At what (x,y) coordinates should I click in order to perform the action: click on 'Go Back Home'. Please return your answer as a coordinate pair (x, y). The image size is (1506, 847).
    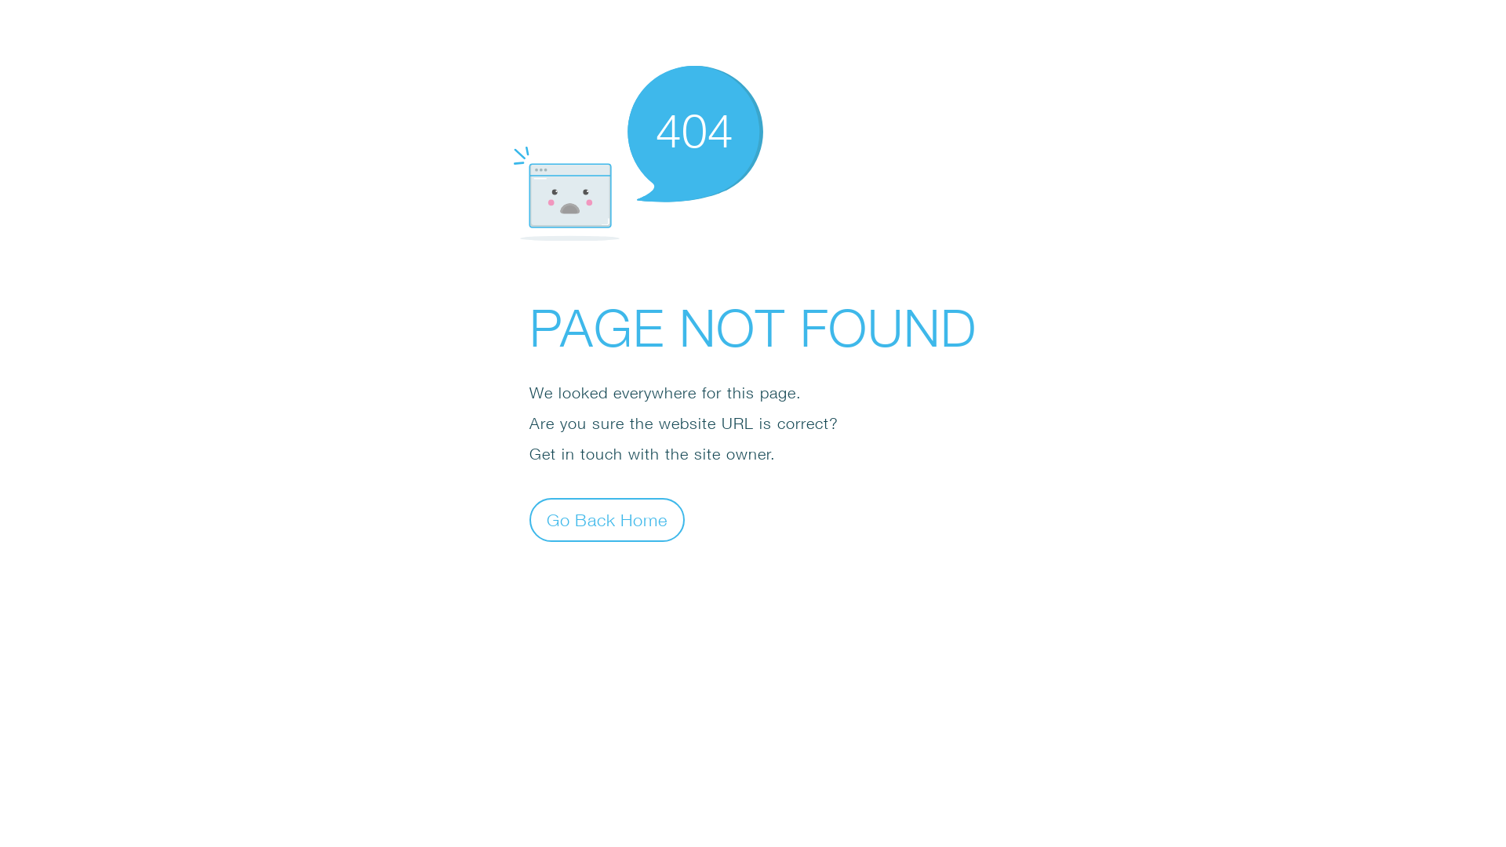
    Looking at the image, I should click on (606, 520).